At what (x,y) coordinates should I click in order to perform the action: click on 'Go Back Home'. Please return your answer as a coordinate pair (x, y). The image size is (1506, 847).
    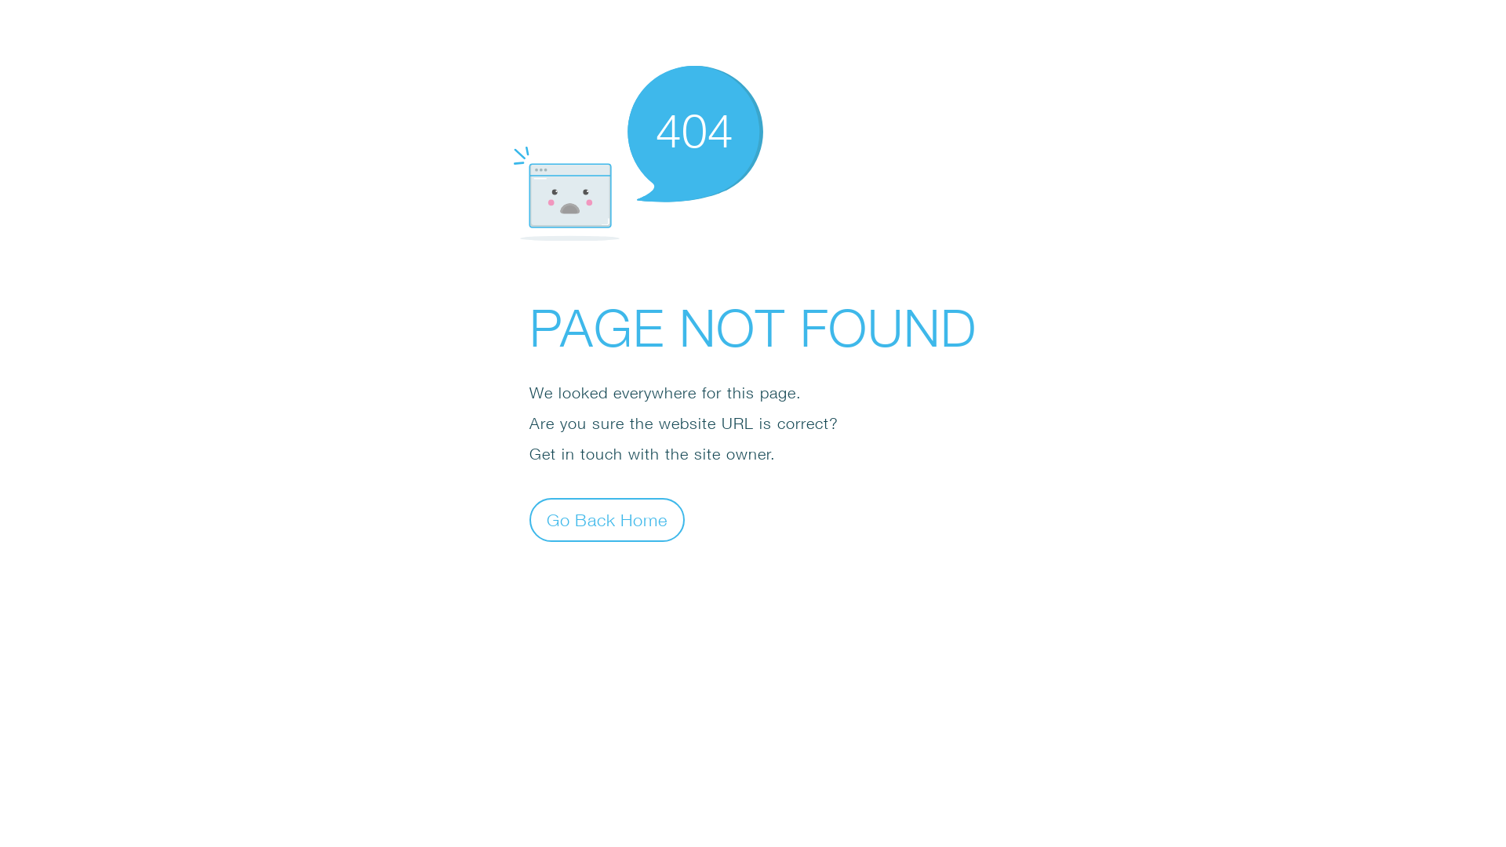
    Looking at the image, I should click on (606, 520).